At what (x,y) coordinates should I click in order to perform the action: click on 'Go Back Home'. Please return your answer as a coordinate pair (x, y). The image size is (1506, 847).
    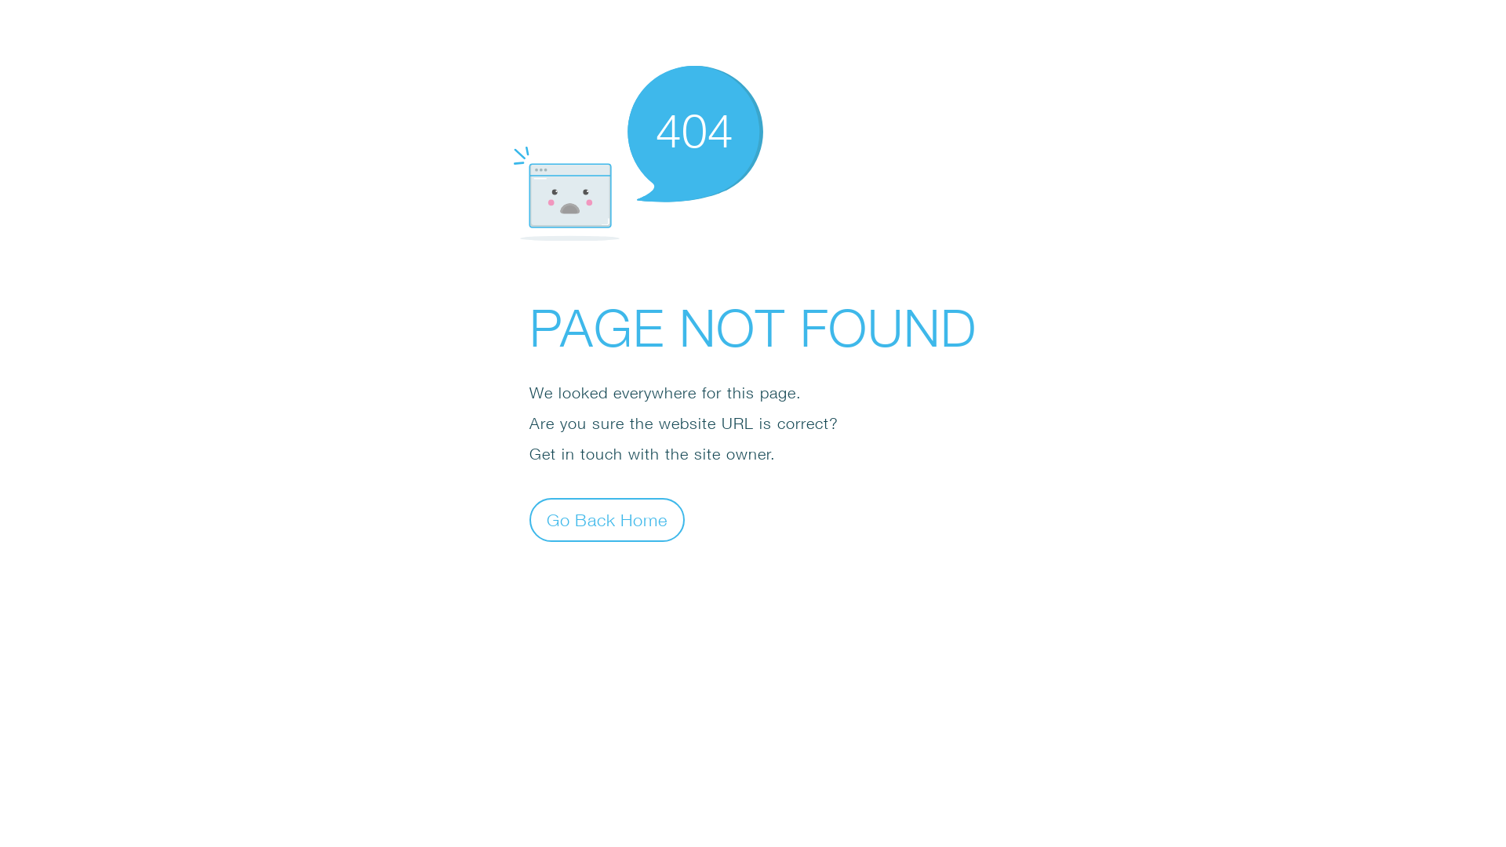
    Looking at the image, I should click on (606, 520).